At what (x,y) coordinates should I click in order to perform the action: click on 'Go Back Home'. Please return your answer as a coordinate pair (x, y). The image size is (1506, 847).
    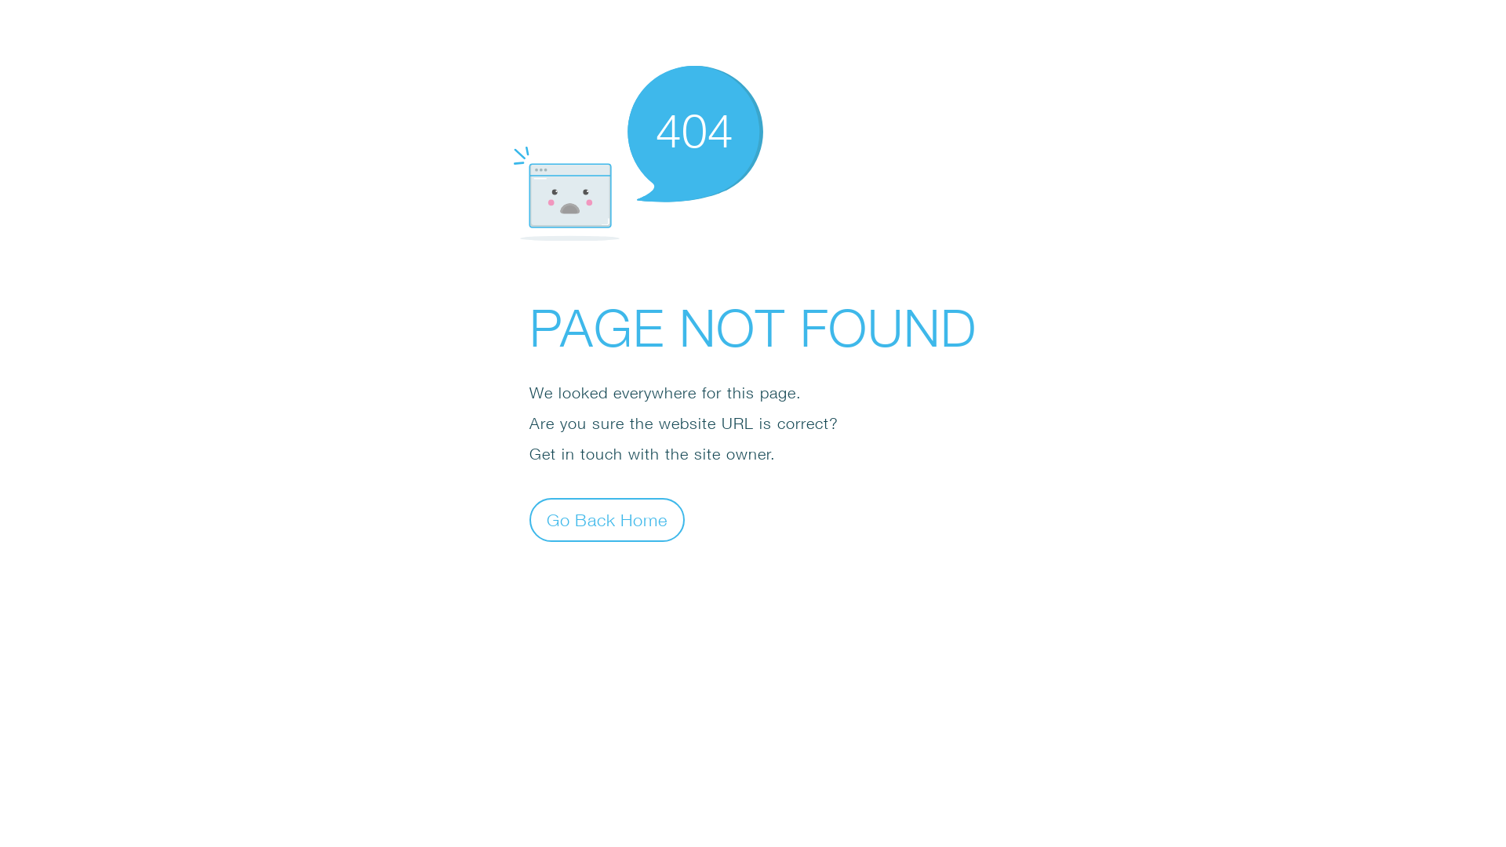
    Looking at the image, I should click on (606, 520).